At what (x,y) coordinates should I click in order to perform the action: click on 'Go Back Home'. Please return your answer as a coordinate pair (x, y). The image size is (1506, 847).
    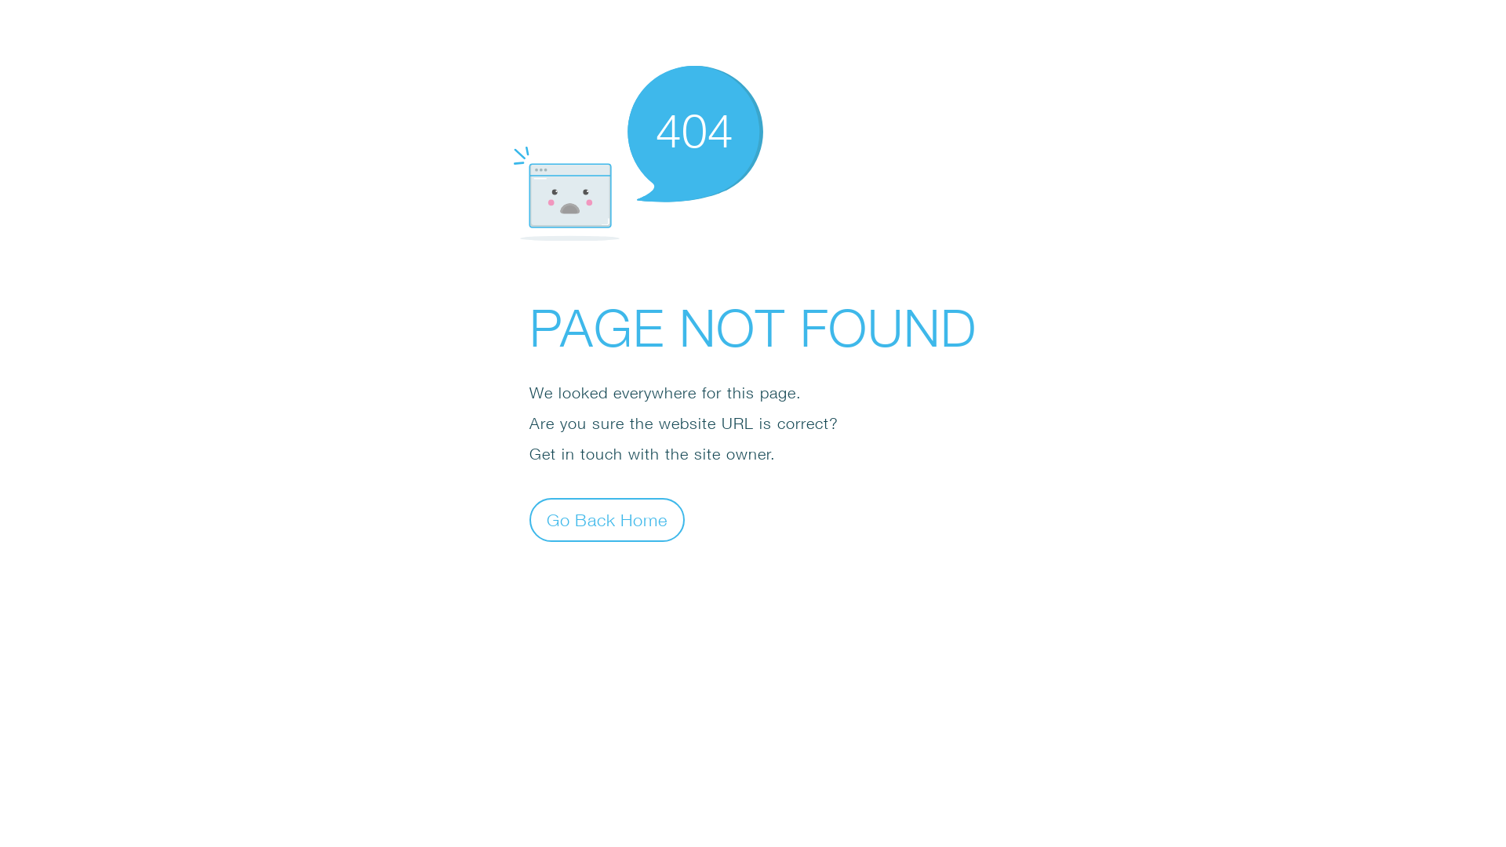
    Looking at the image, I should click on (606, 520).